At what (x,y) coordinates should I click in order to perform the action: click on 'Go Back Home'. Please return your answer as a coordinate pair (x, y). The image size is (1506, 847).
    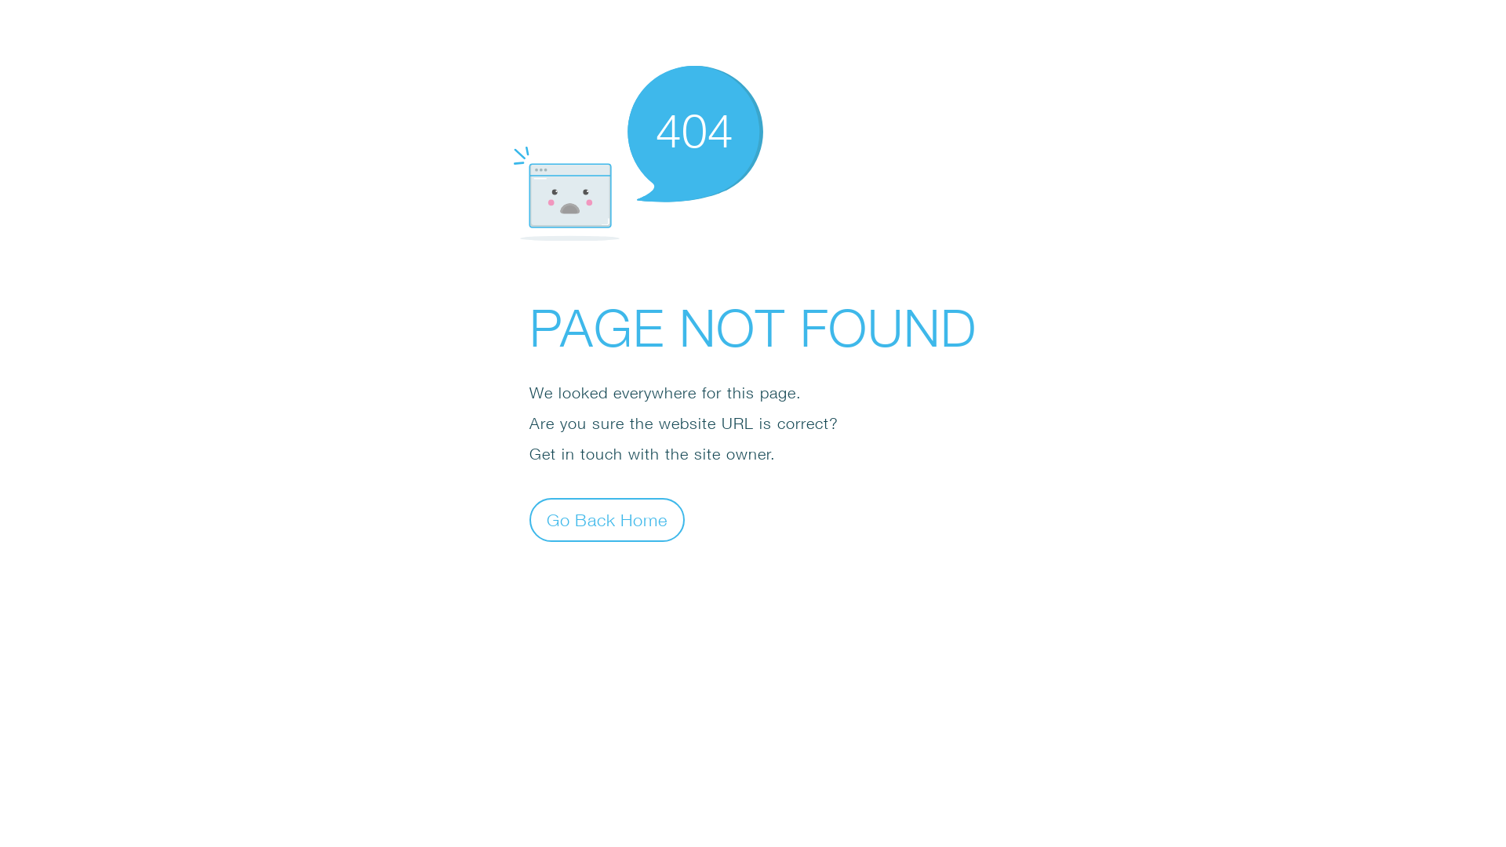
    Looking at the image, I should click on (606, 520).